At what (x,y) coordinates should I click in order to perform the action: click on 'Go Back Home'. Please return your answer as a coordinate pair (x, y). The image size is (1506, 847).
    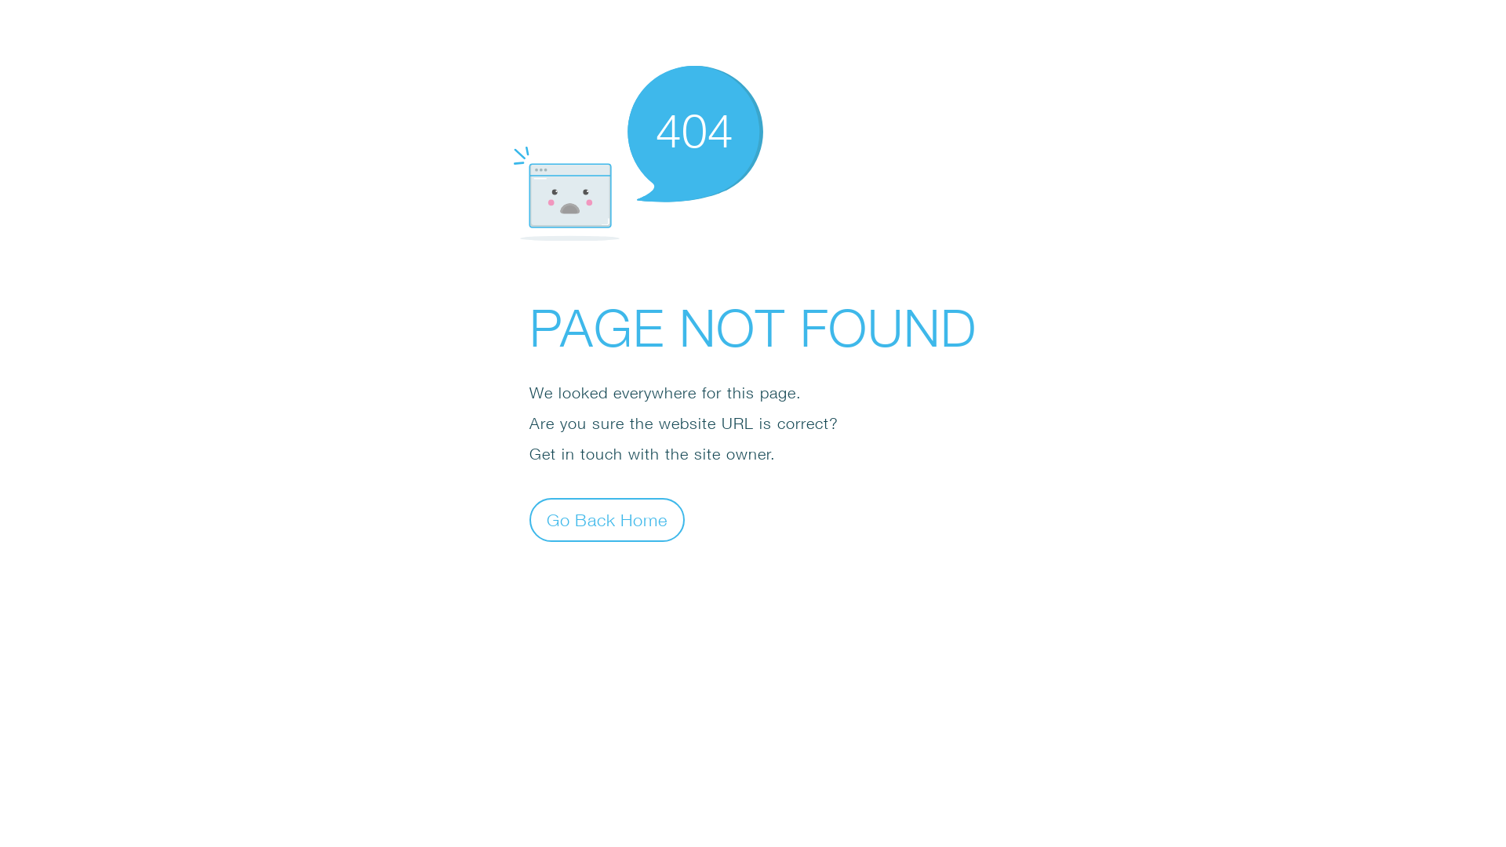
    Looking at the image, I should click on (606, 520).